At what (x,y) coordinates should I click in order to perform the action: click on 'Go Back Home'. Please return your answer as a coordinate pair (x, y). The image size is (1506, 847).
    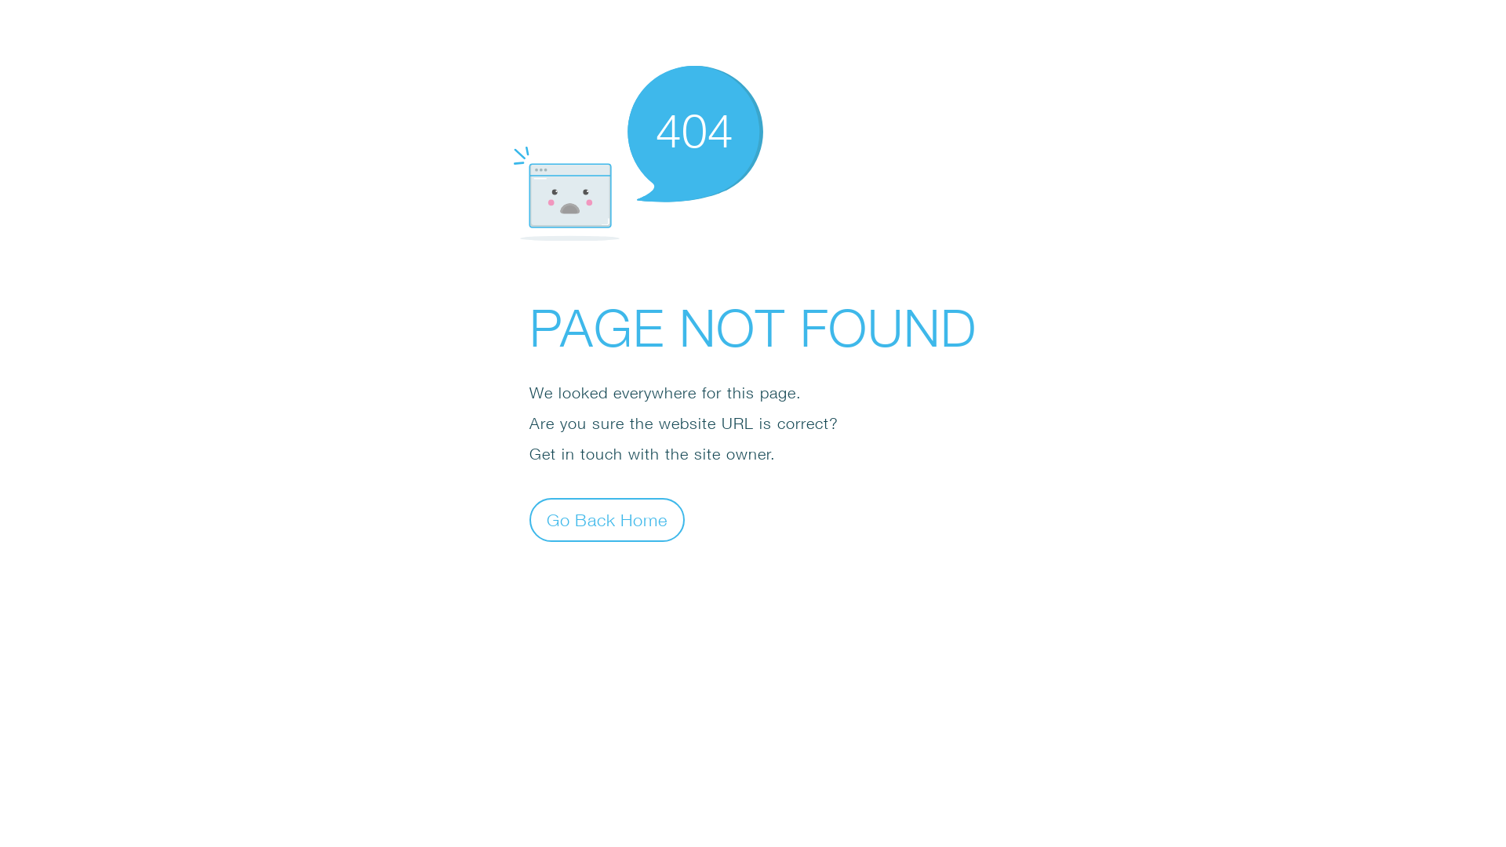
    Looking at the image, I should click on (606, 520).